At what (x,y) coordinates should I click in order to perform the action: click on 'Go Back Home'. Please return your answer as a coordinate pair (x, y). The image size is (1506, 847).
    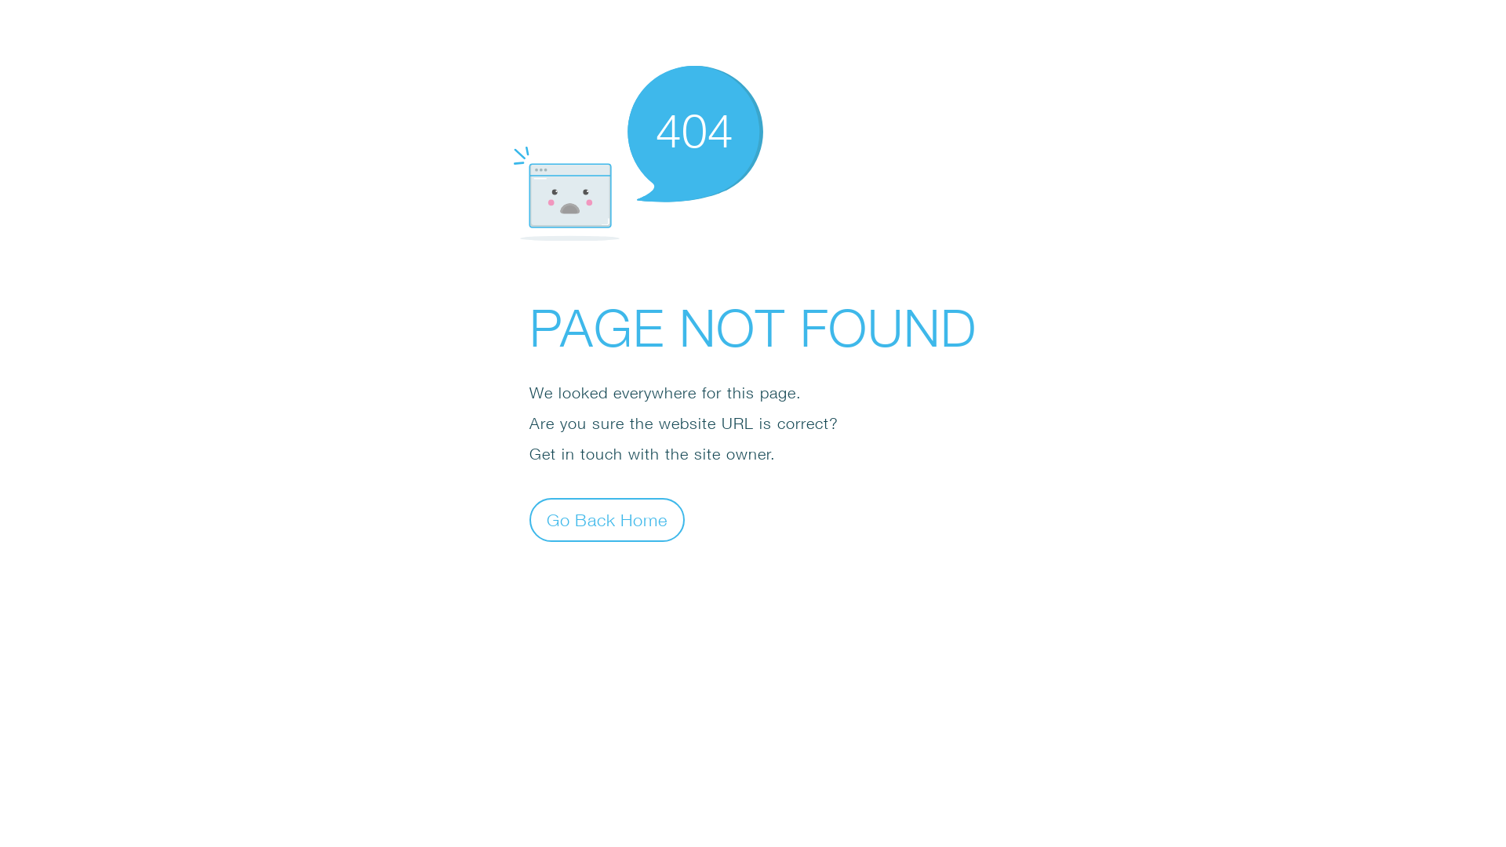
    Looking at the image, I should click on (606, 520).